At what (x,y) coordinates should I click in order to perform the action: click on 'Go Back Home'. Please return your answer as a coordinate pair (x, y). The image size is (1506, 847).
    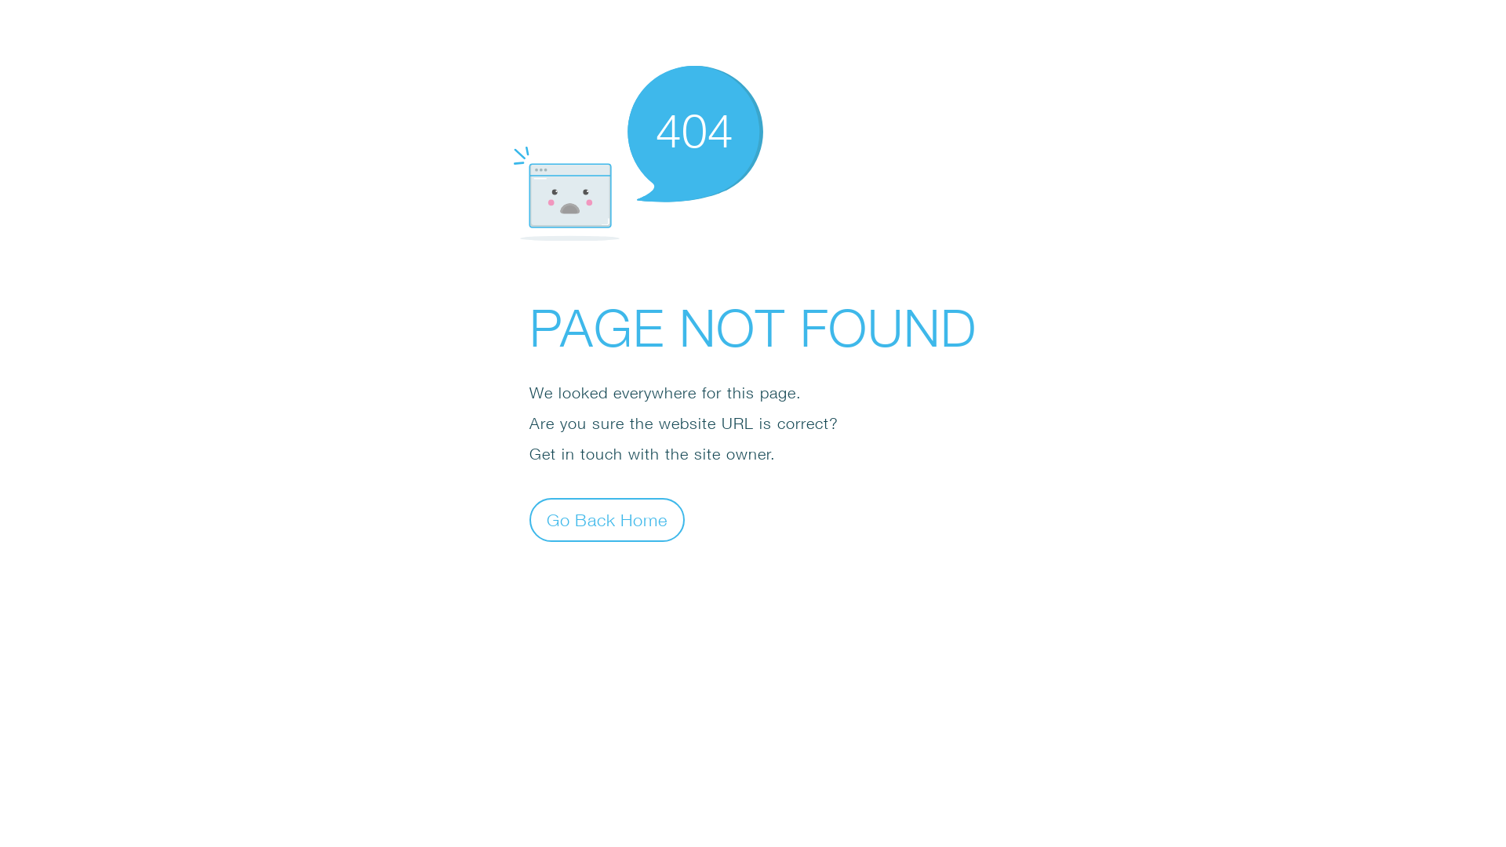
    Looking at the image, I should click on (606, 520).